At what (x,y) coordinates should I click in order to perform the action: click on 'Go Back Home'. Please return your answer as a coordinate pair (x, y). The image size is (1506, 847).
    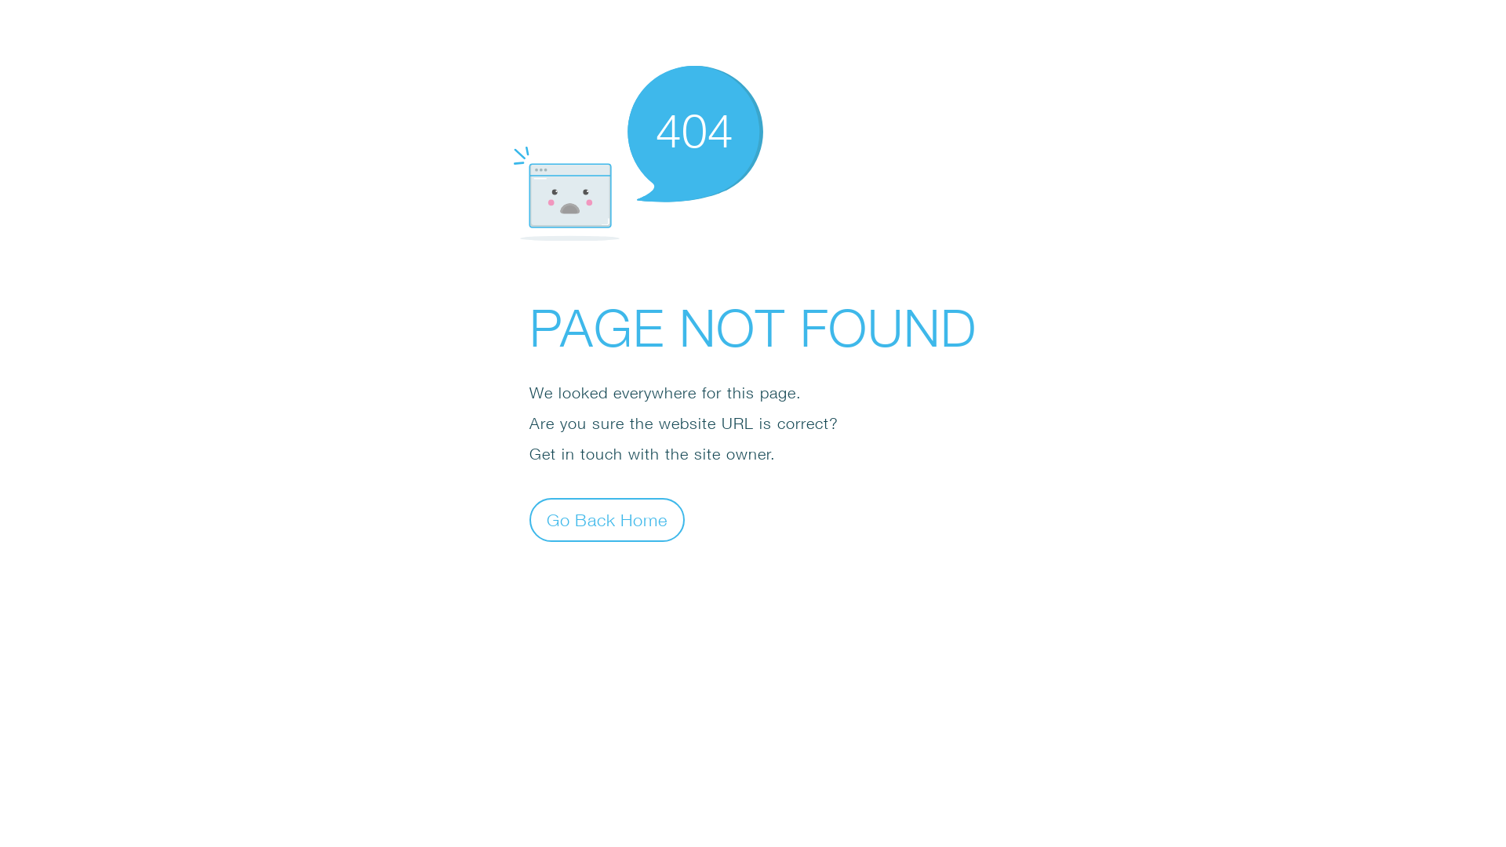
    Looking at the image, I should click on (606, 520).